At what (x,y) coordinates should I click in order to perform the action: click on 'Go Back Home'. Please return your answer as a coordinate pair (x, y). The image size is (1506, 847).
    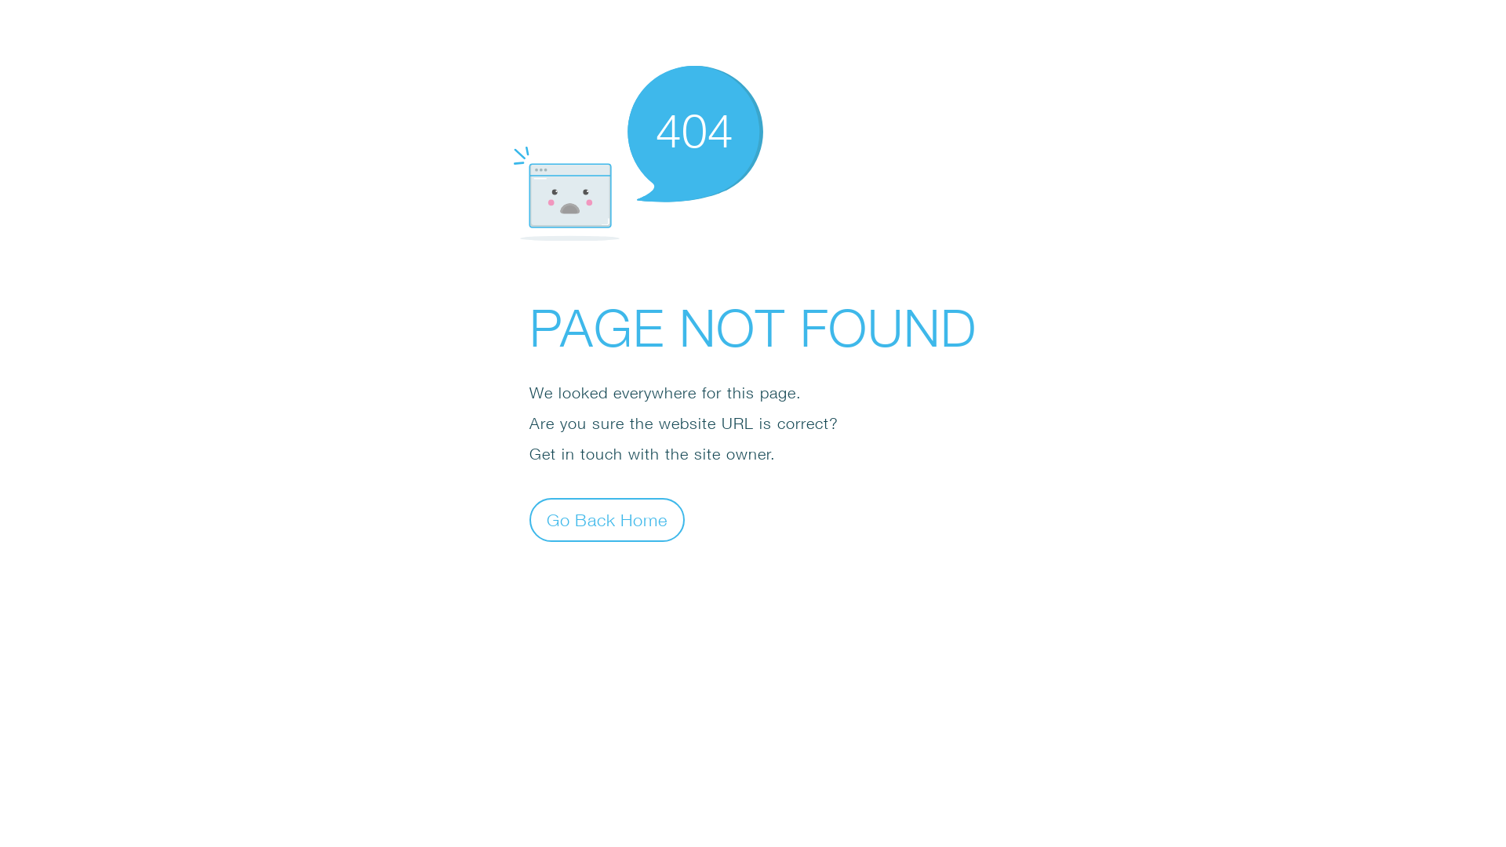
    Looking at the image, I should click on (606, 520).